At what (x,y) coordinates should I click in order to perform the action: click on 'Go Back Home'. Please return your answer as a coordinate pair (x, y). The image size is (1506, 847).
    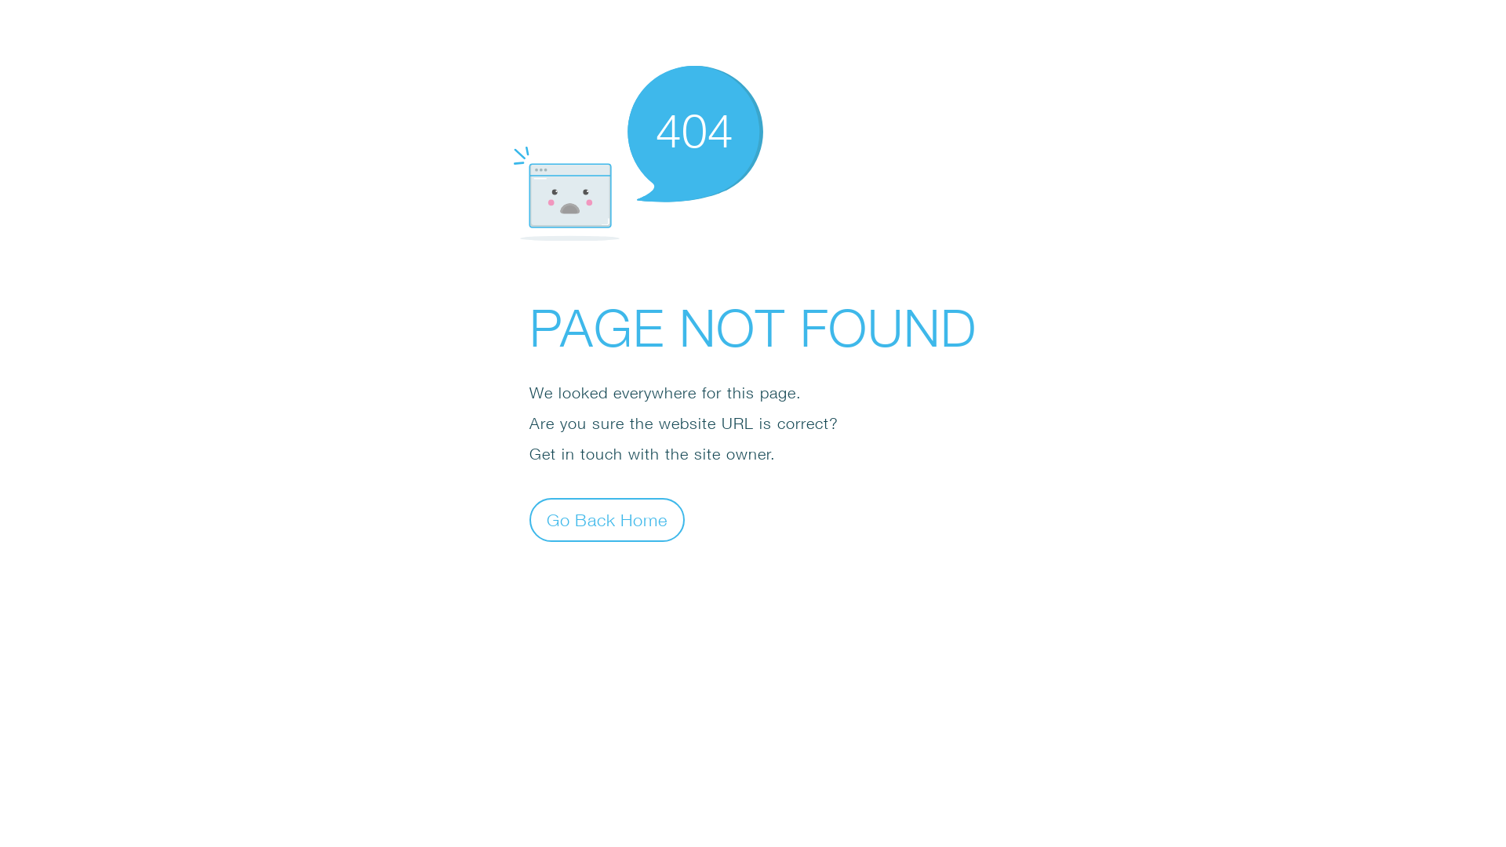
    Looking at the image, I should click on (606, 520).